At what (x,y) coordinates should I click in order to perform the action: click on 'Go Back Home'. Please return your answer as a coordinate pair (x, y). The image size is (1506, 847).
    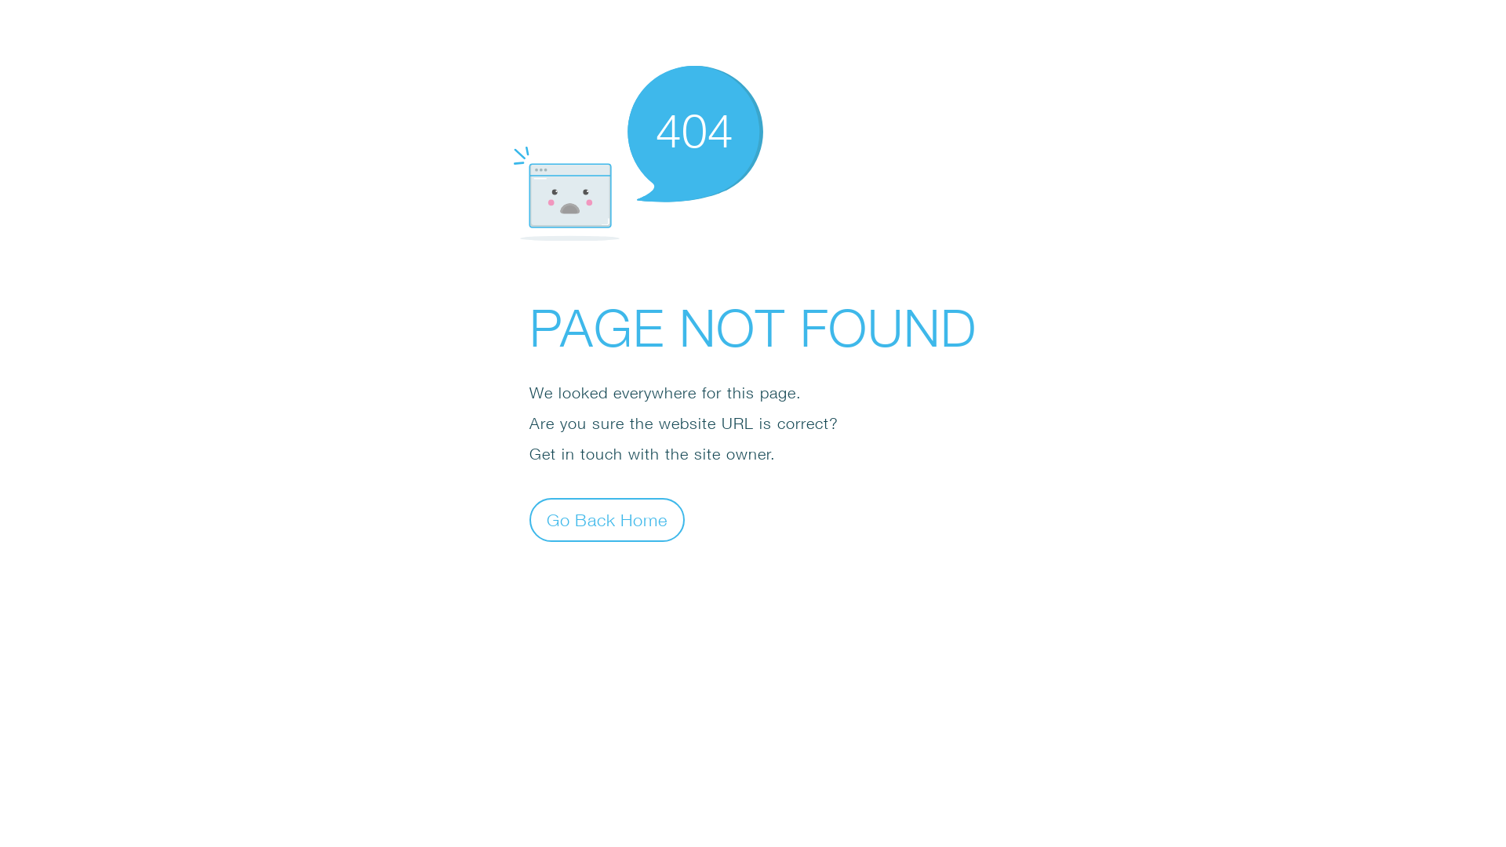
    Looking at the image, I should click on (606, 520).